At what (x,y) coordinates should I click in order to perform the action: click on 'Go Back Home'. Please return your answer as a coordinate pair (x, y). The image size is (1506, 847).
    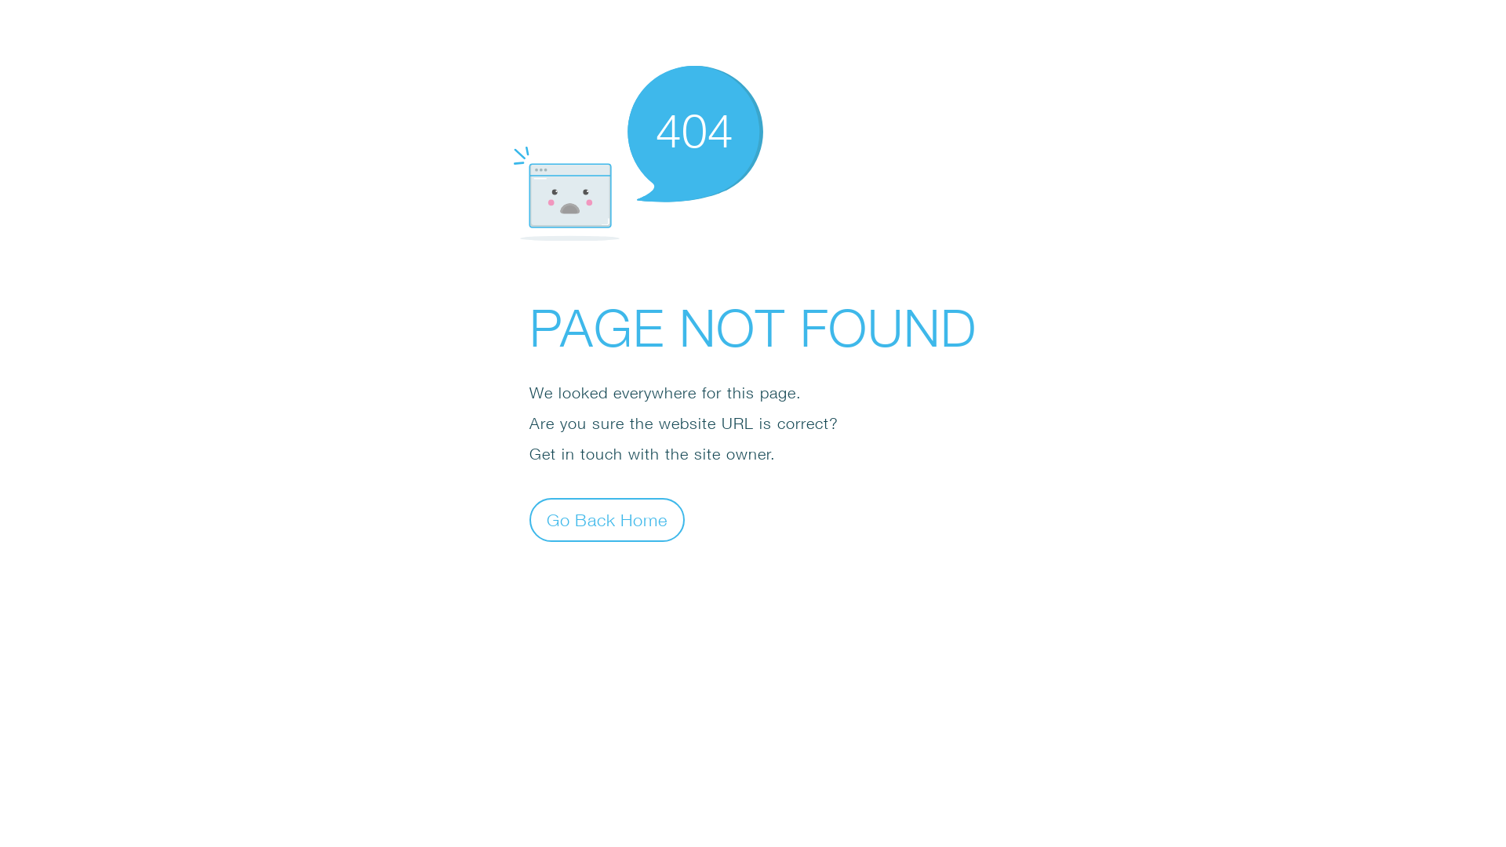
    Looking at the image, I should click on (606, 520).